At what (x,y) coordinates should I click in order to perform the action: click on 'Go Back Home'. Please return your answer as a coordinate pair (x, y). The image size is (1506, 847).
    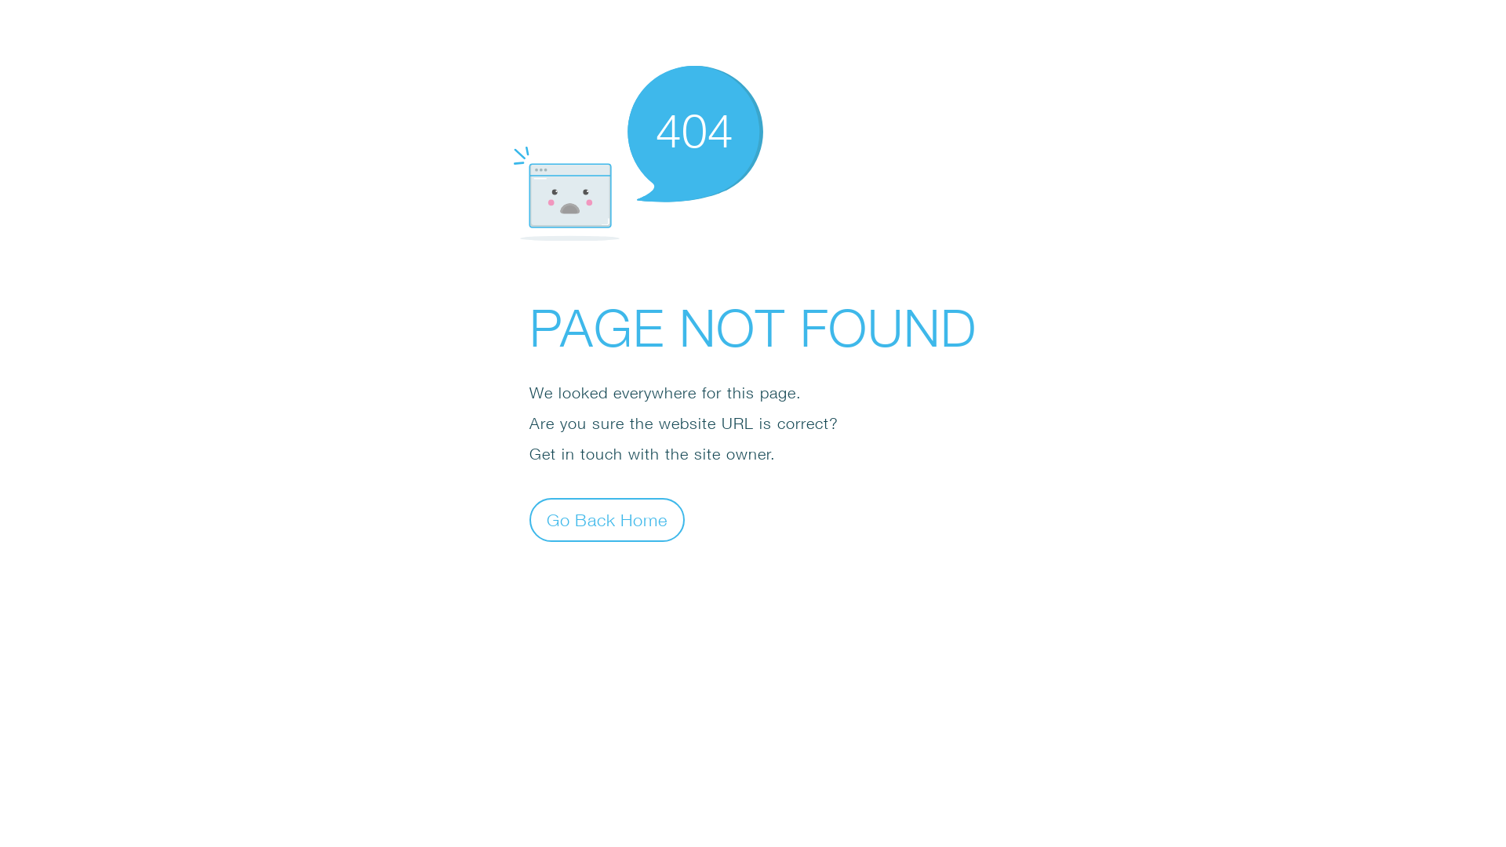
    Looking at the image, I should click on (606, 520).